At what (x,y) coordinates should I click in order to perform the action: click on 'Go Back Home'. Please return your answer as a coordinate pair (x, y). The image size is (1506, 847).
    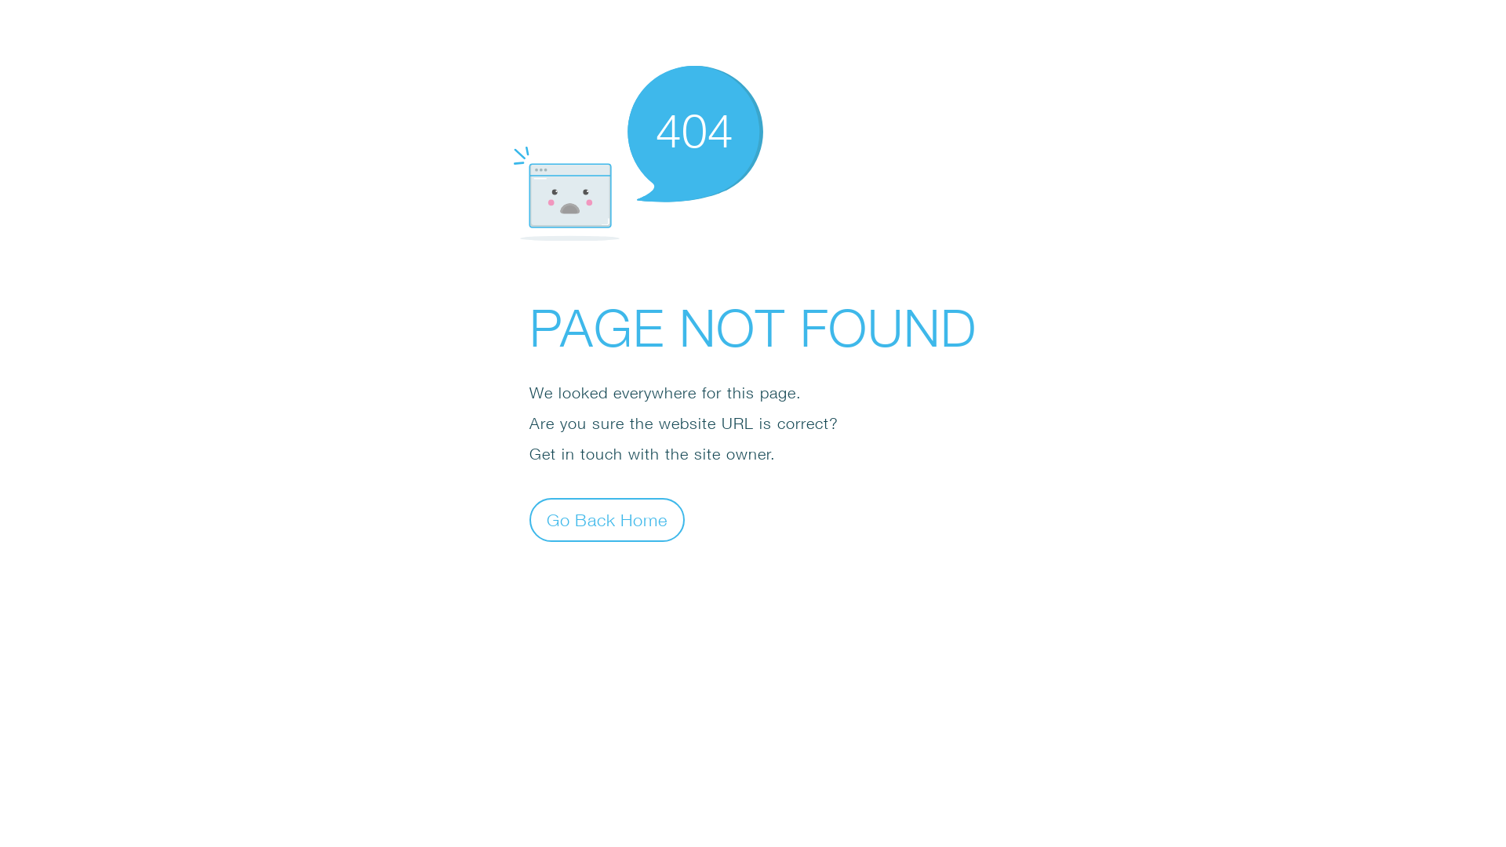
    Looking at the image, I should click on (606, 520).